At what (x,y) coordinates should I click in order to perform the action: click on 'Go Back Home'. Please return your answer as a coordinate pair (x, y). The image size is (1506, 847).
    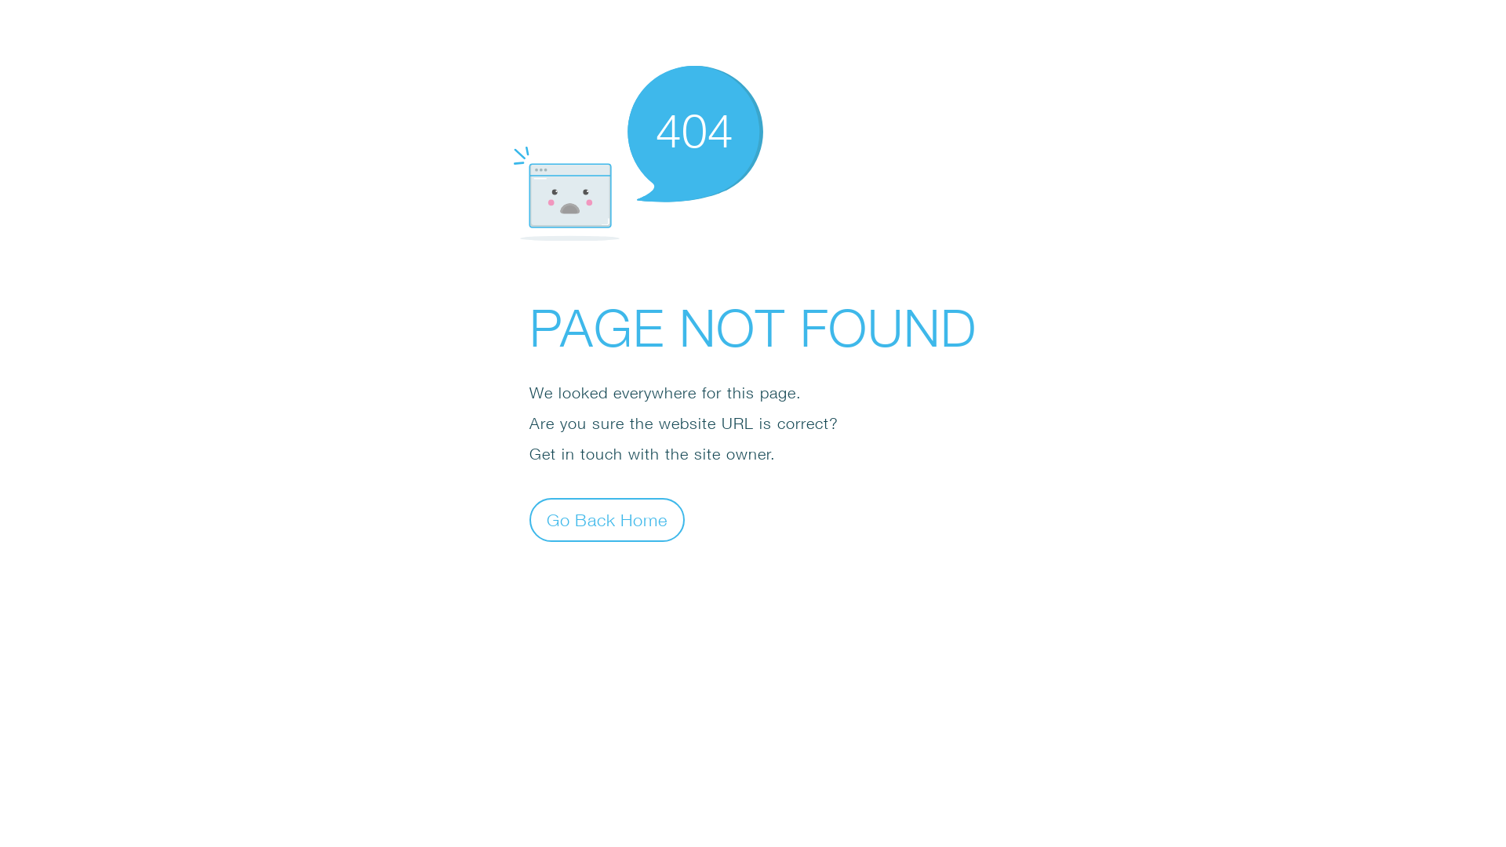
    Looking at the image, I should click on (606, 520).